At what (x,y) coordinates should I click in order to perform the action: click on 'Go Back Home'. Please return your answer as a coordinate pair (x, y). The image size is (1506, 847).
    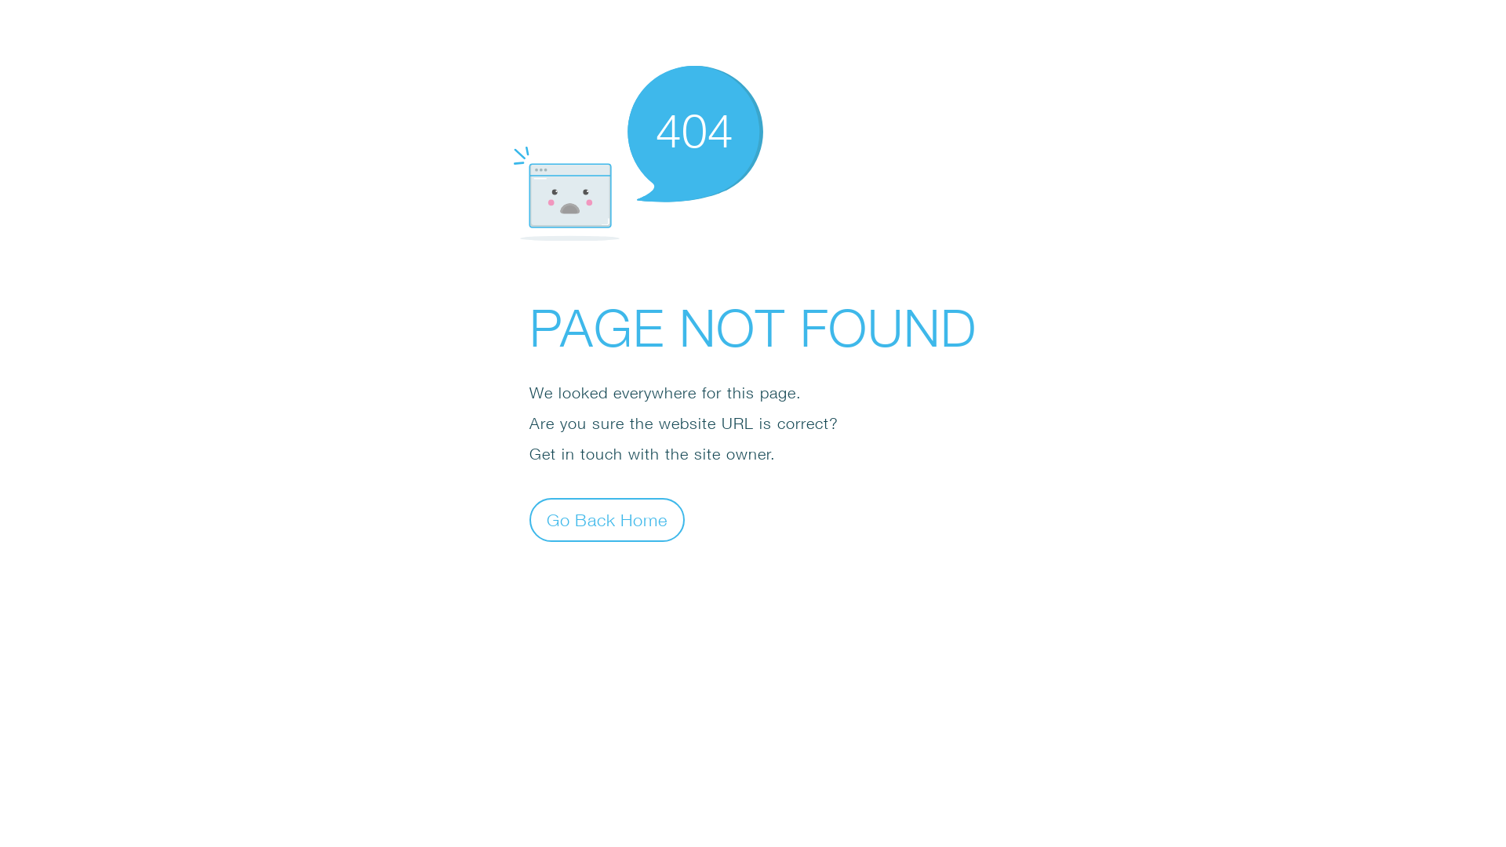
    Looking at the image, I should click on (606, 520).